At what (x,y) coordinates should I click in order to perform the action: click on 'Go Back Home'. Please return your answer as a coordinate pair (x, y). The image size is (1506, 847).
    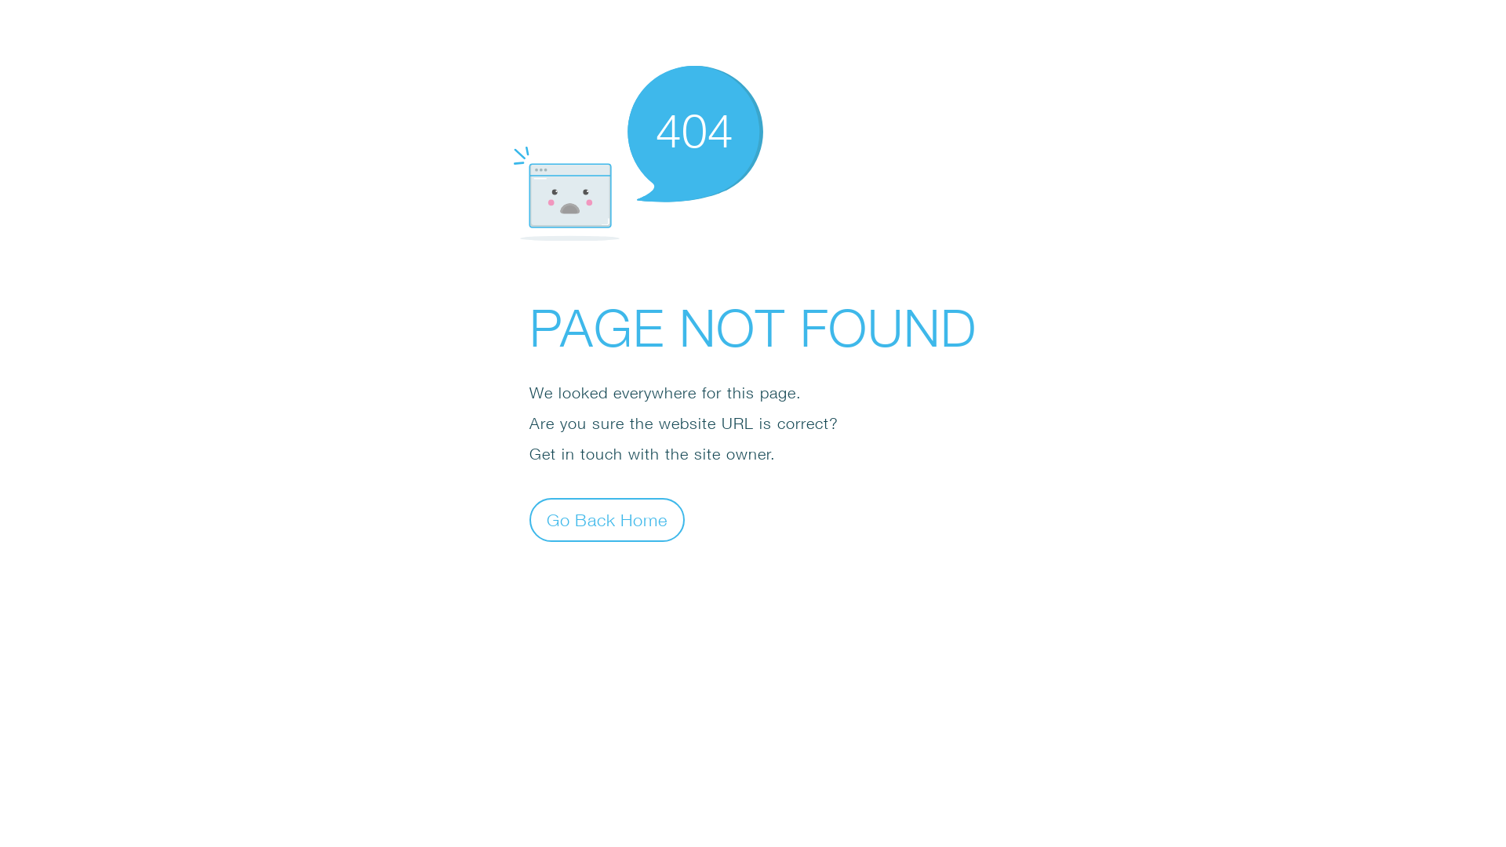
    Looking at the image, I should click on (606, 520).